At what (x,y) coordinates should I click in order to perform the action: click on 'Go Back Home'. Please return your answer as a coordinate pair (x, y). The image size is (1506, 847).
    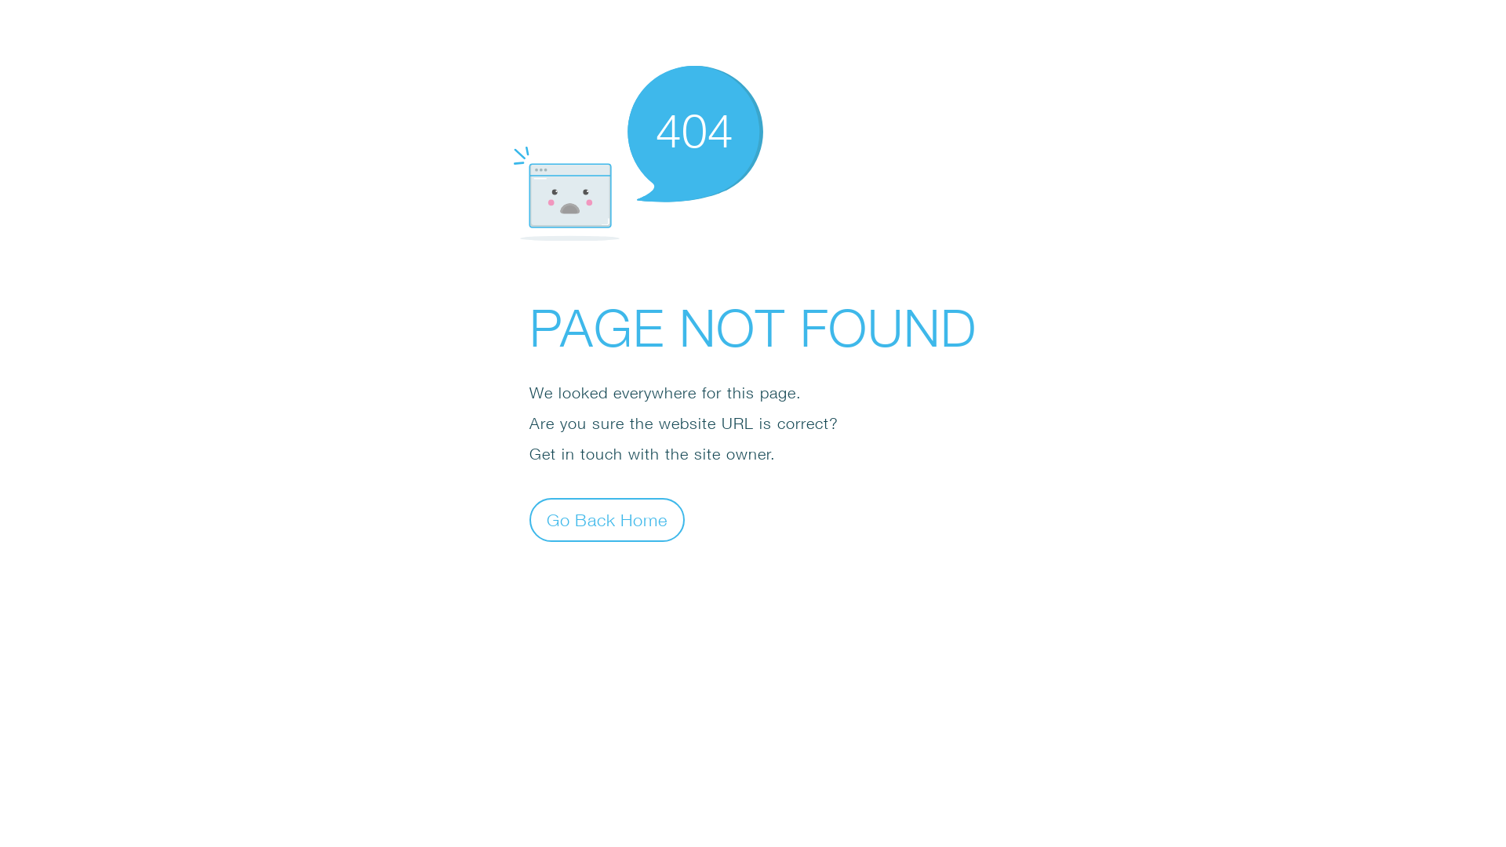
    Looking at the image, I should click on (606, 520).